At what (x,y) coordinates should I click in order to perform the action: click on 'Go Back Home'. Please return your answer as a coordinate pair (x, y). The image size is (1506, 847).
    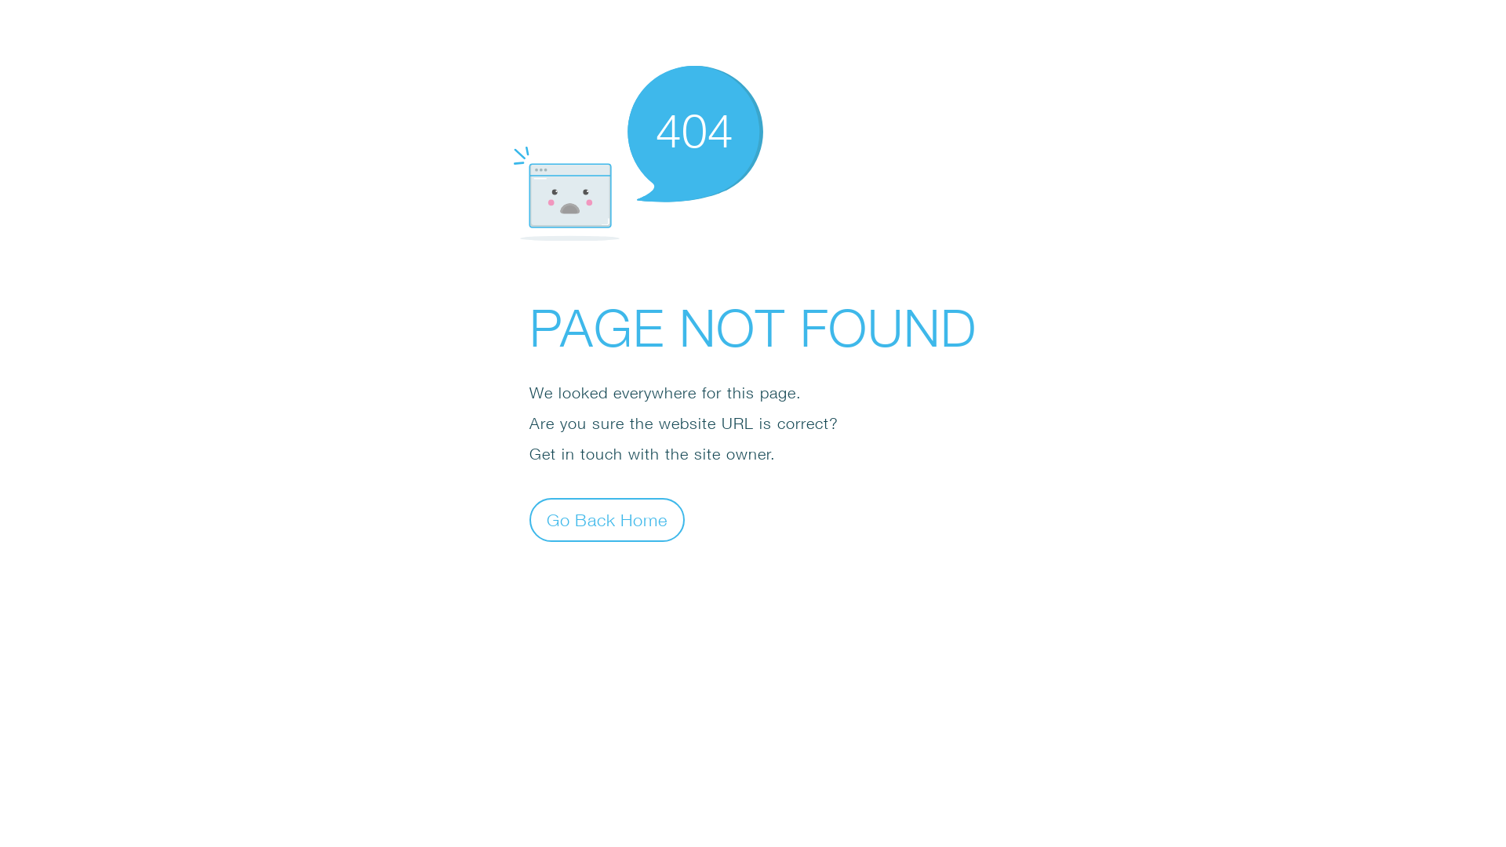
    Looking at the image, I should click on (606, 520).